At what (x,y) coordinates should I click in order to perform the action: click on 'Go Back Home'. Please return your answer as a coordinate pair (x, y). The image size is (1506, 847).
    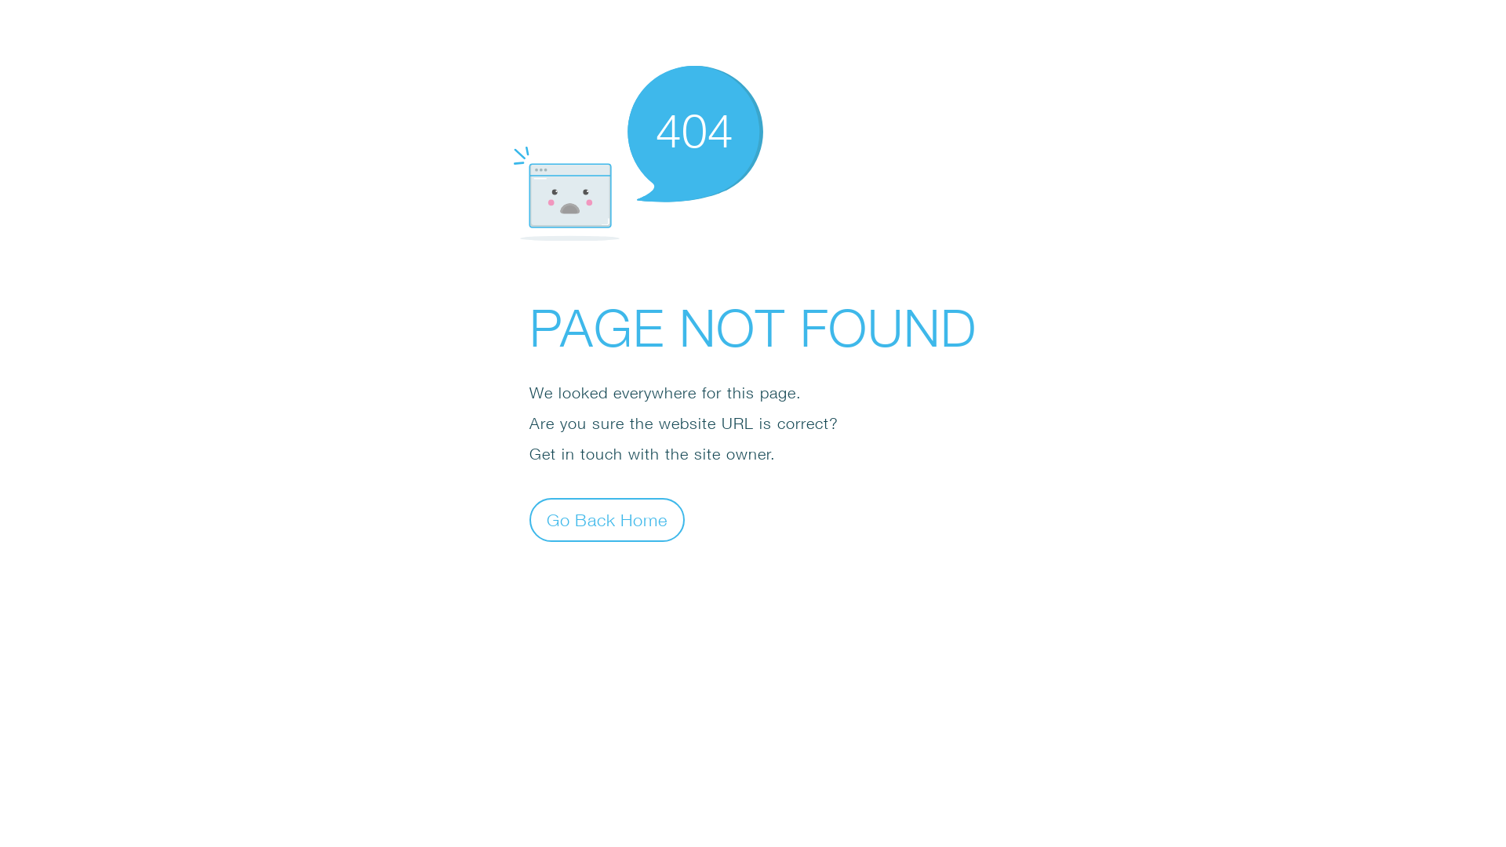
    Looking at the image, I should click on (606, 520).